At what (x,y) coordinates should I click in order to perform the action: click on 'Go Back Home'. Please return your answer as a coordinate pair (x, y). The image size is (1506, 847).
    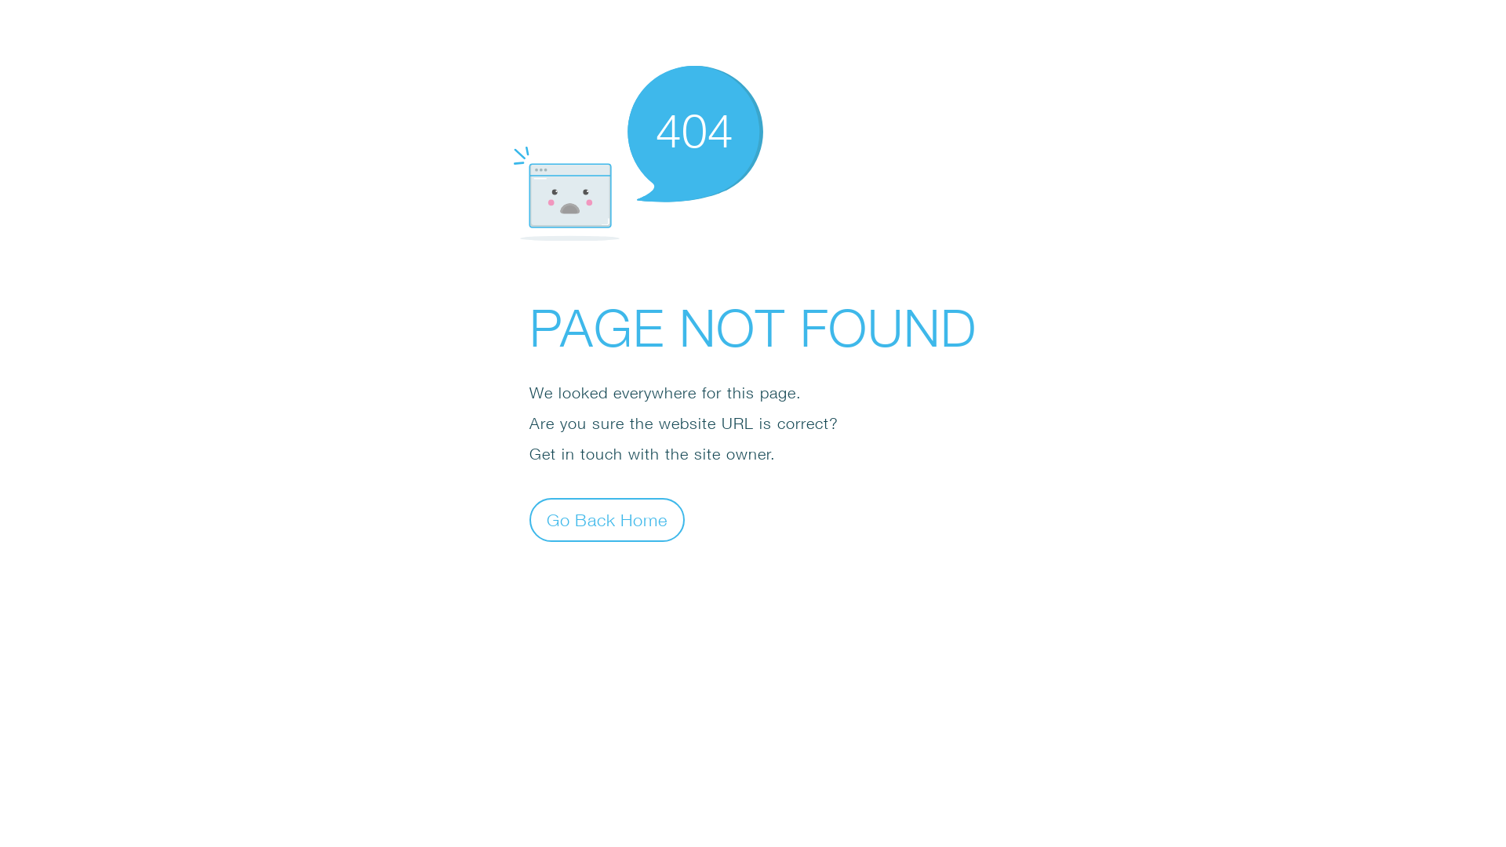
    Looking at the image, I should click on (606, 520).